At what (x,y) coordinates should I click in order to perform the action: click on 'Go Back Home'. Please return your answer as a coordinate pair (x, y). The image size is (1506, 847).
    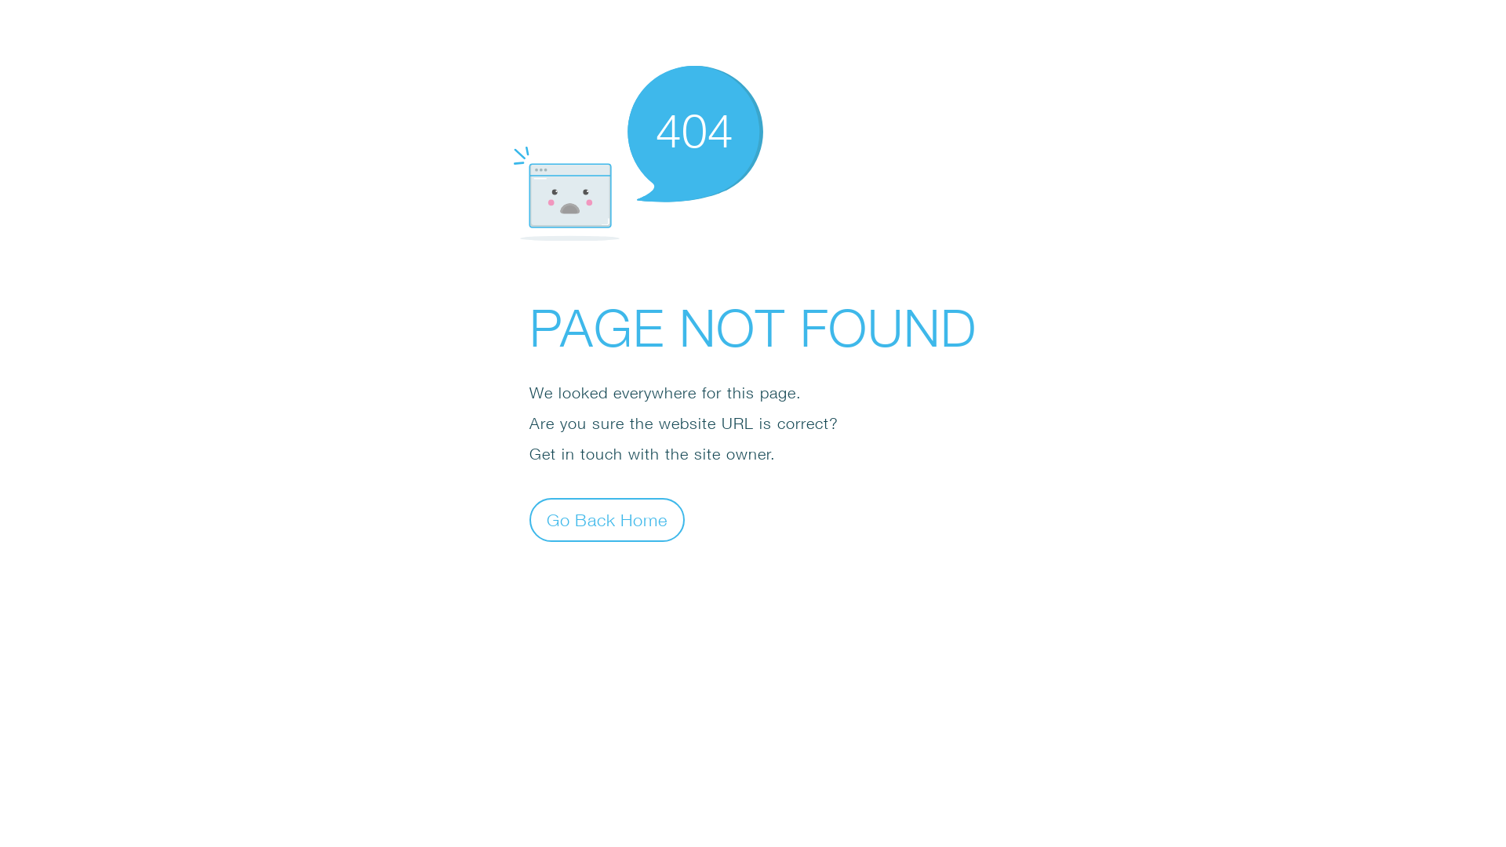
    Looking at the image, I should click on (606, 520).